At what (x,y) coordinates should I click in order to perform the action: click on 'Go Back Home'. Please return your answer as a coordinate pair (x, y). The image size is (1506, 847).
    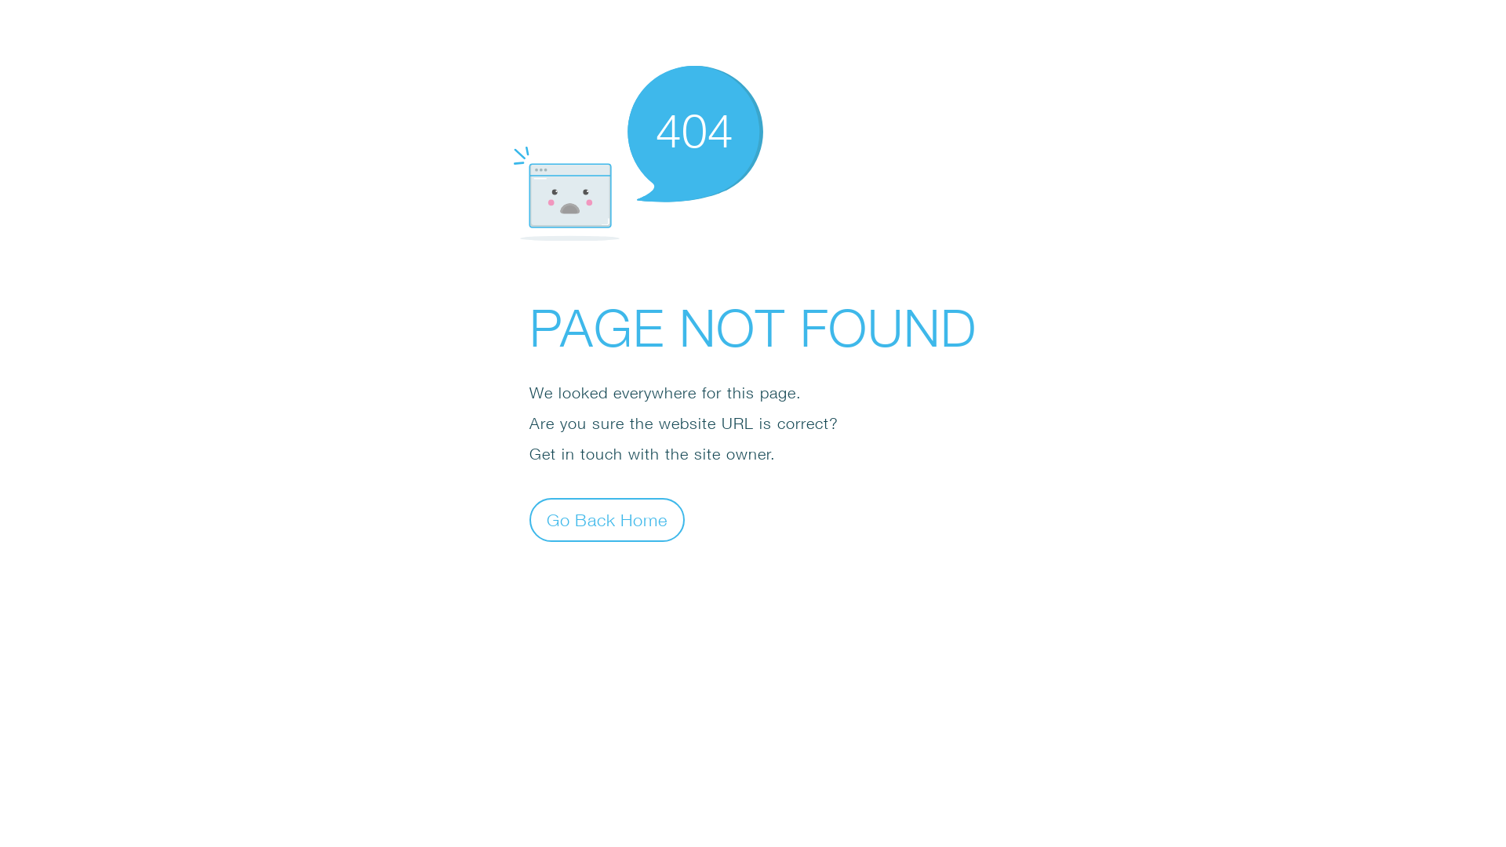
    Looking at the image, I should click on (606, 520).